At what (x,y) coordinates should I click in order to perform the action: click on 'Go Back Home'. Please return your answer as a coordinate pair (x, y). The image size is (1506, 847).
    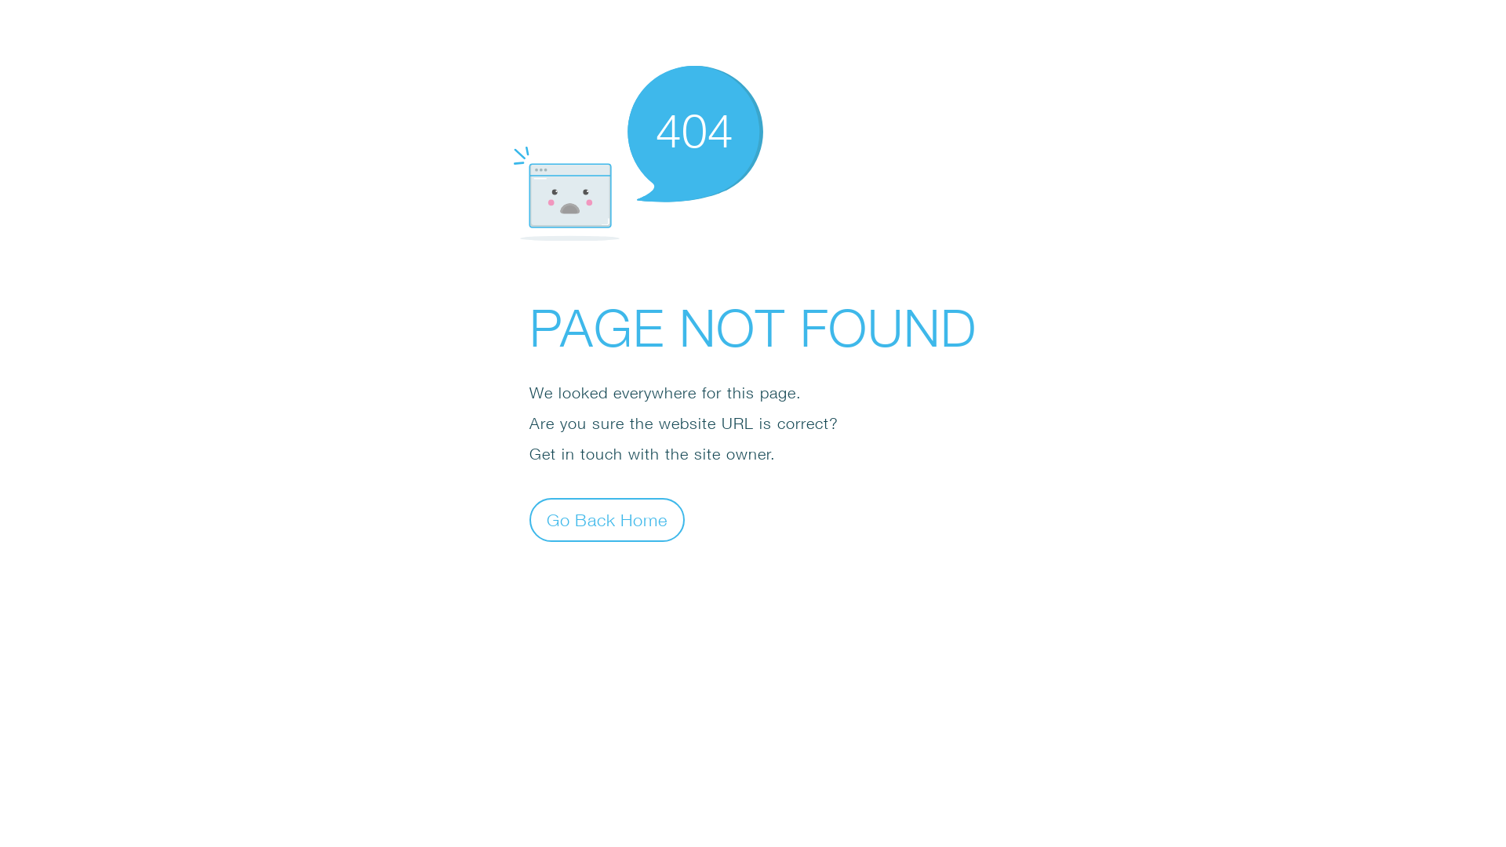
    Looking at the image, I should click on (606, 520).